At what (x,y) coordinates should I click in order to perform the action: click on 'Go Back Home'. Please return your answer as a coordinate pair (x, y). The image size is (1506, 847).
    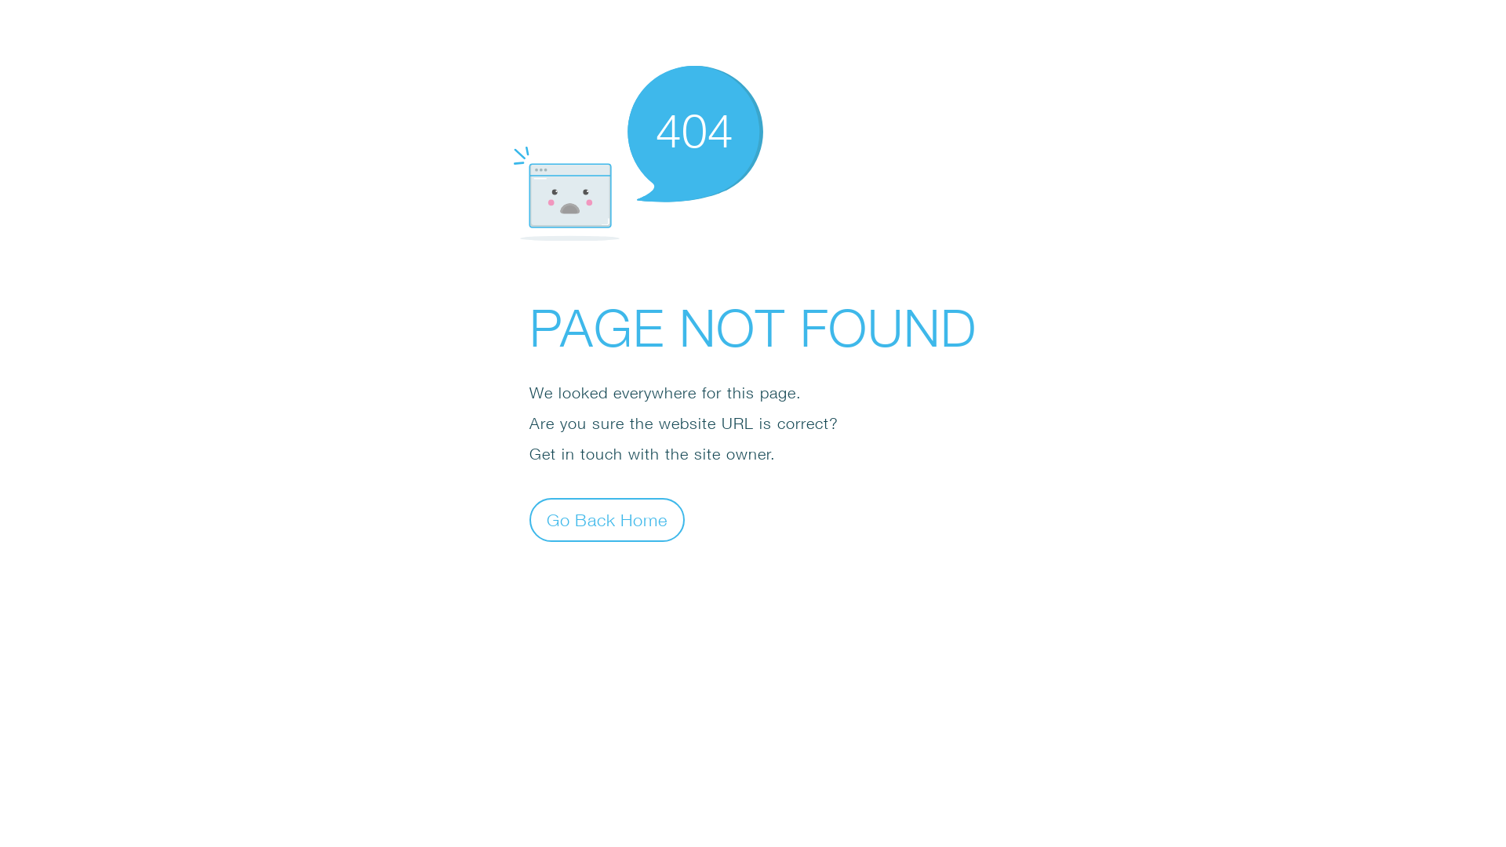
    Looking at the image, I should click on (606, 520).